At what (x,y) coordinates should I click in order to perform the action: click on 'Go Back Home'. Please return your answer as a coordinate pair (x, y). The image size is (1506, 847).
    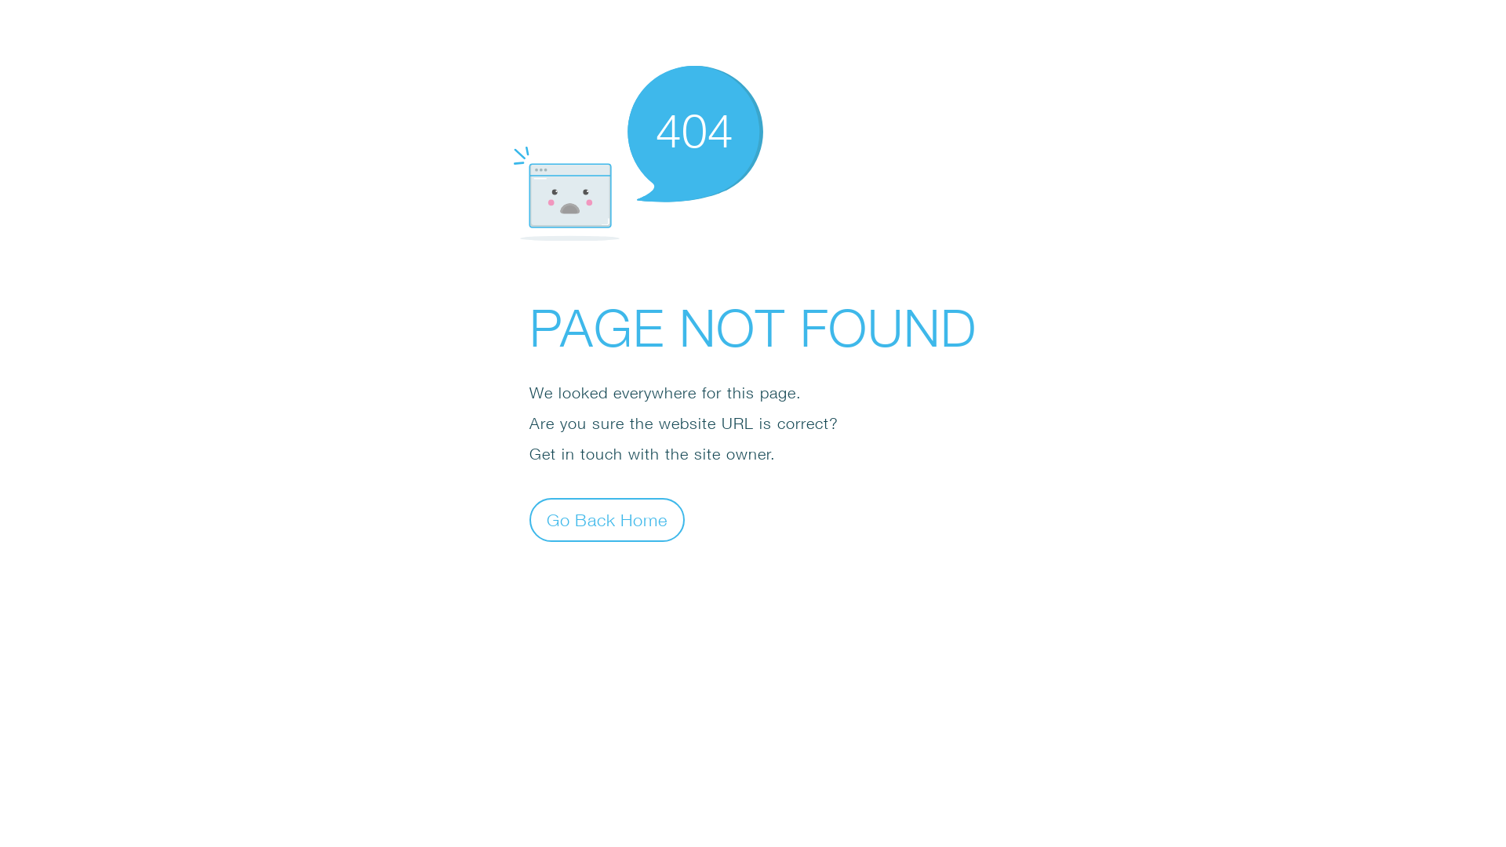
    Looking at the image, I should click on (606, 520).